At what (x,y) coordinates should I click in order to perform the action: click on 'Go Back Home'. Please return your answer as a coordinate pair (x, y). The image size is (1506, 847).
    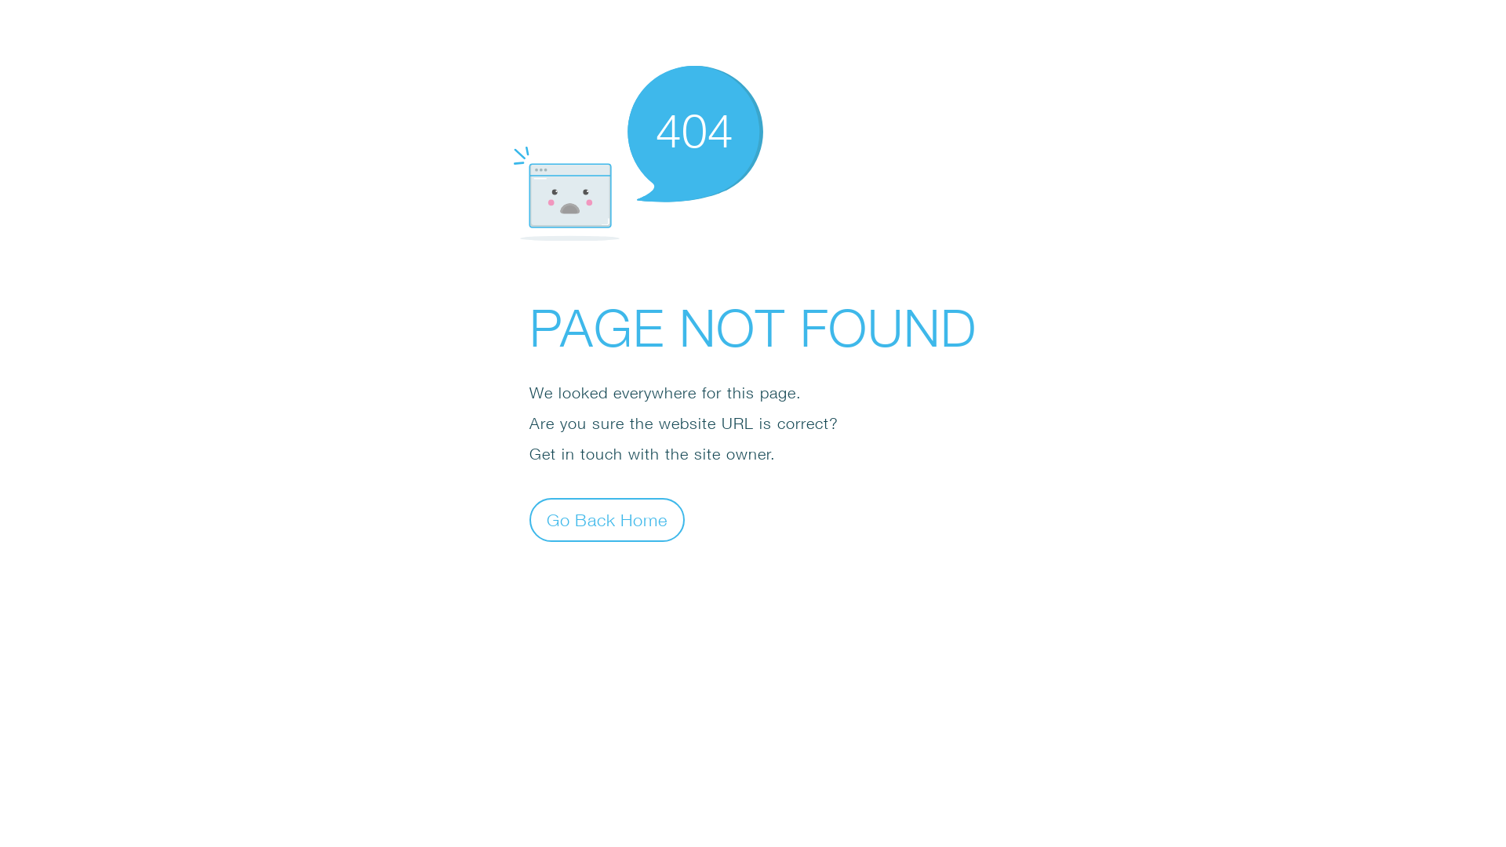
    Looking at the image, I should click on (606, 520).